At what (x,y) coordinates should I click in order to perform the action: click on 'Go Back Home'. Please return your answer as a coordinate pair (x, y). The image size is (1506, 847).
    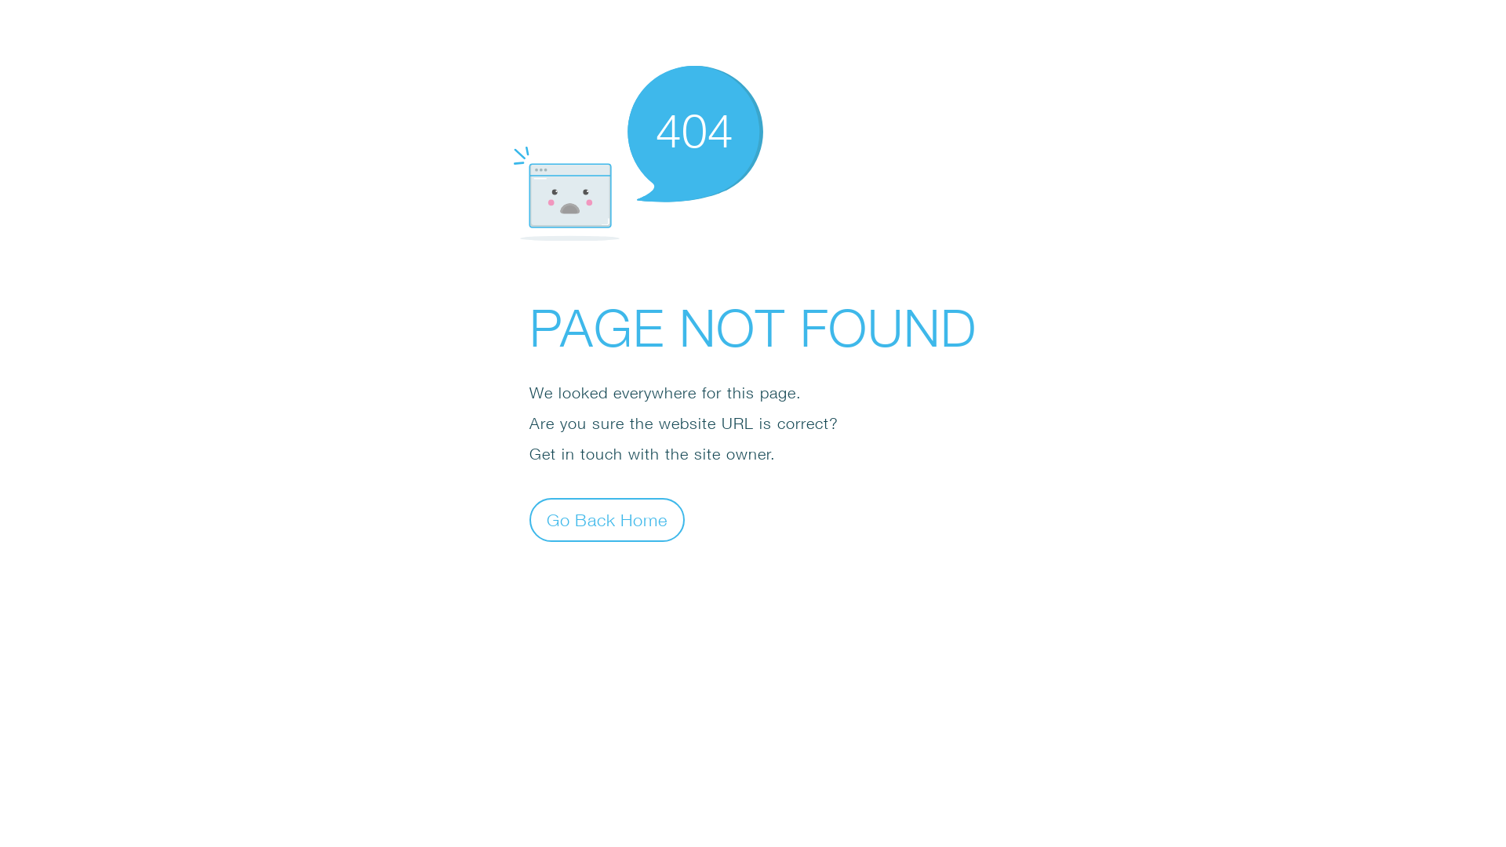
    Looking at the image, I should click on (606, 520).